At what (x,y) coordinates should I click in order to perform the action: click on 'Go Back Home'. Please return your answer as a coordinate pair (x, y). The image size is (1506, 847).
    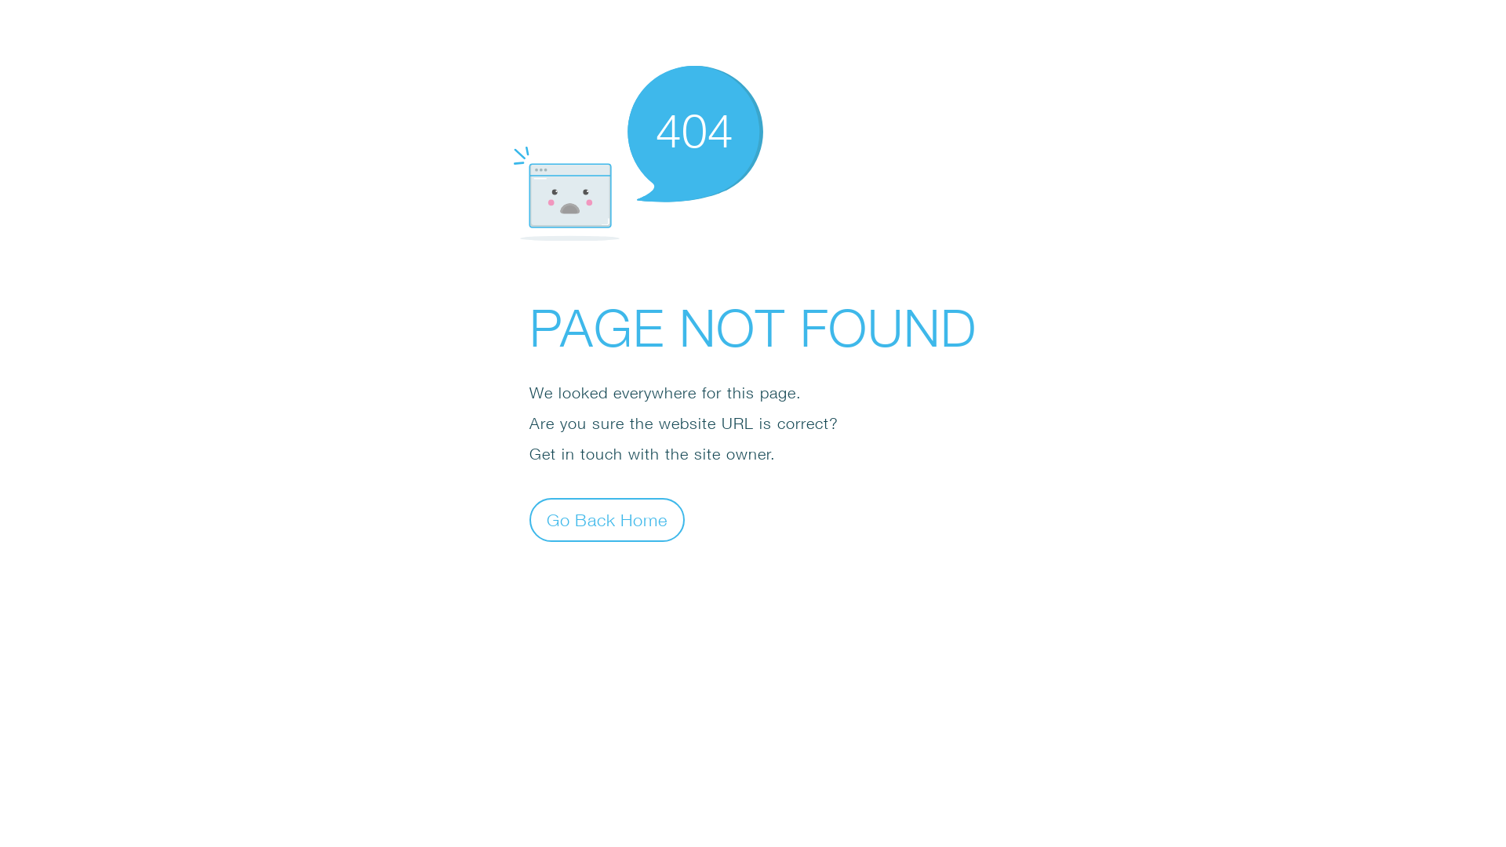
    Looking at the image, I should click on (606, 520).